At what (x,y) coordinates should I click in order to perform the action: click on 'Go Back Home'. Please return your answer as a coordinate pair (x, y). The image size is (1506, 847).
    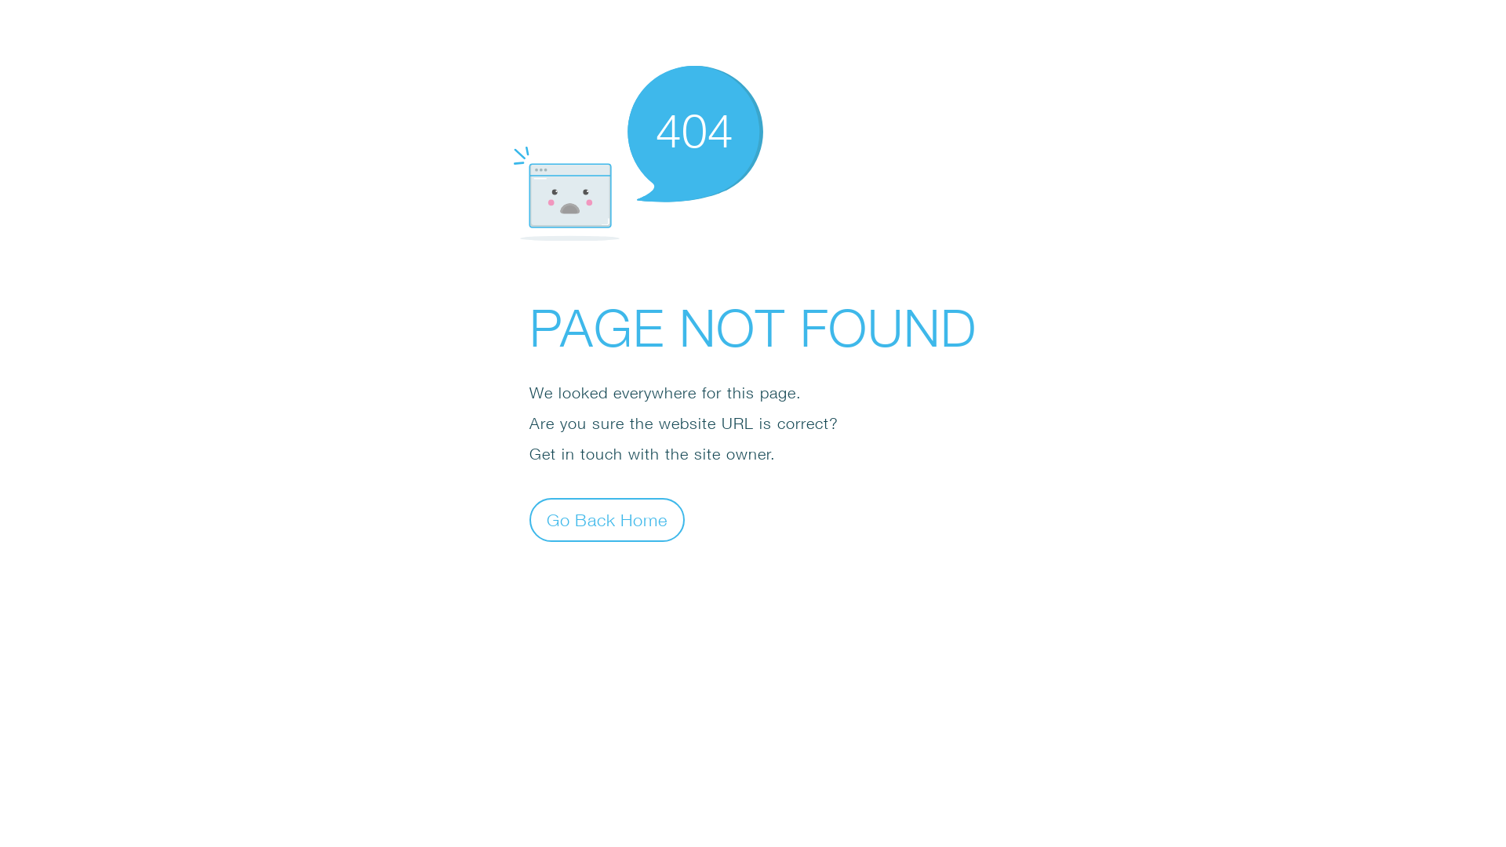
    Looking at the image, I should click on (606, 520).